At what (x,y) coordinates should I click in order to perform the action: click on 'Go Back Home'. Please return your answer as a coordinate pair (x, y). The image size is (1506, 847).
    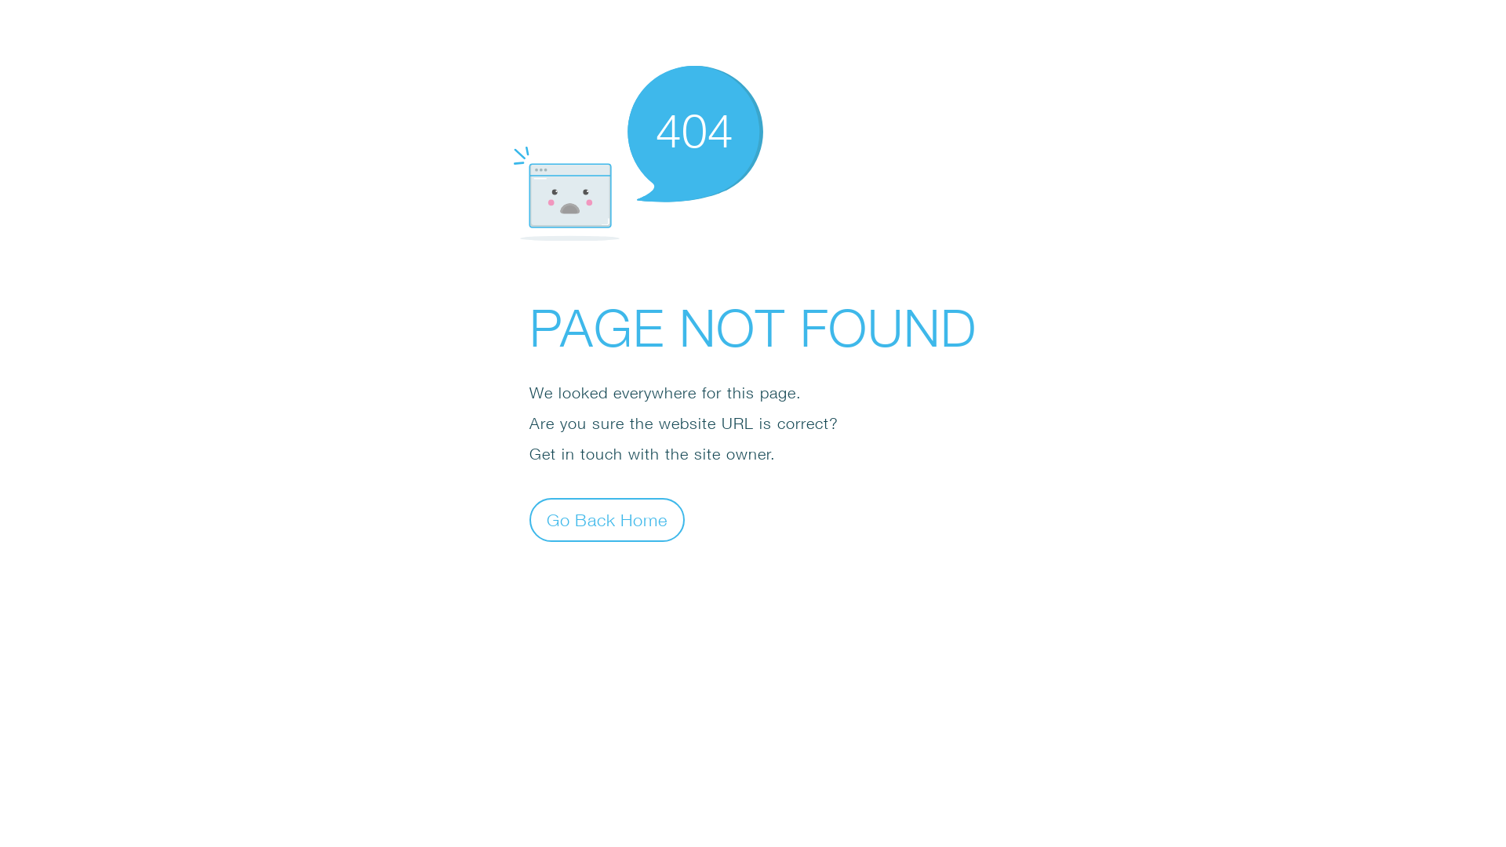
    Looking at the image, I should click on (606, 520).